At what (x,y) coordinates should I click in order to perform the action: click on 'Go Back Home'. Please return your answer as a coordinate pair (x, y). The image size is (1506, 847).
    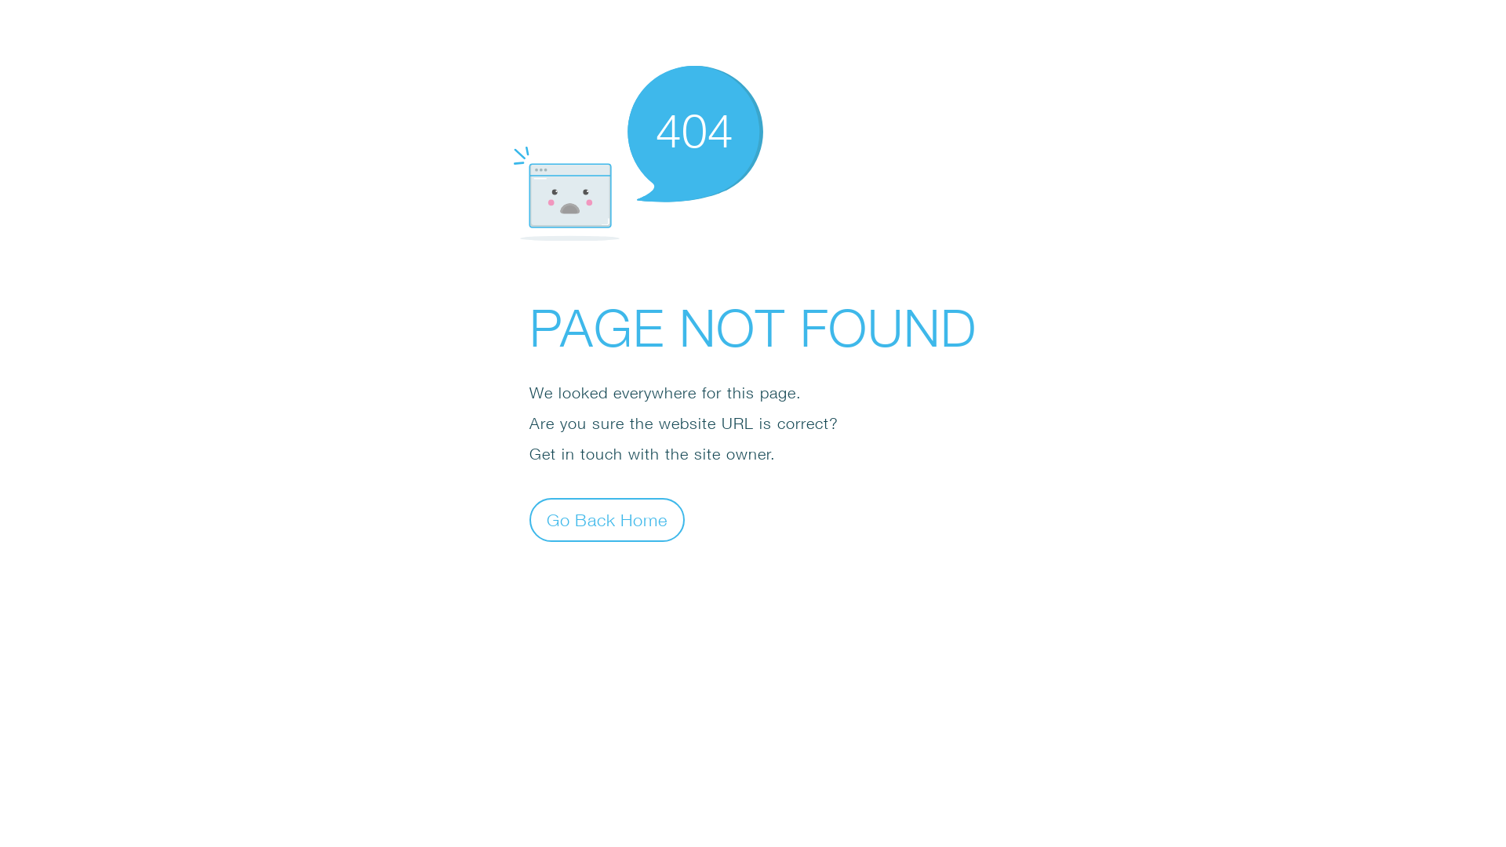
    Looking at the image, I should click on (606, 520).